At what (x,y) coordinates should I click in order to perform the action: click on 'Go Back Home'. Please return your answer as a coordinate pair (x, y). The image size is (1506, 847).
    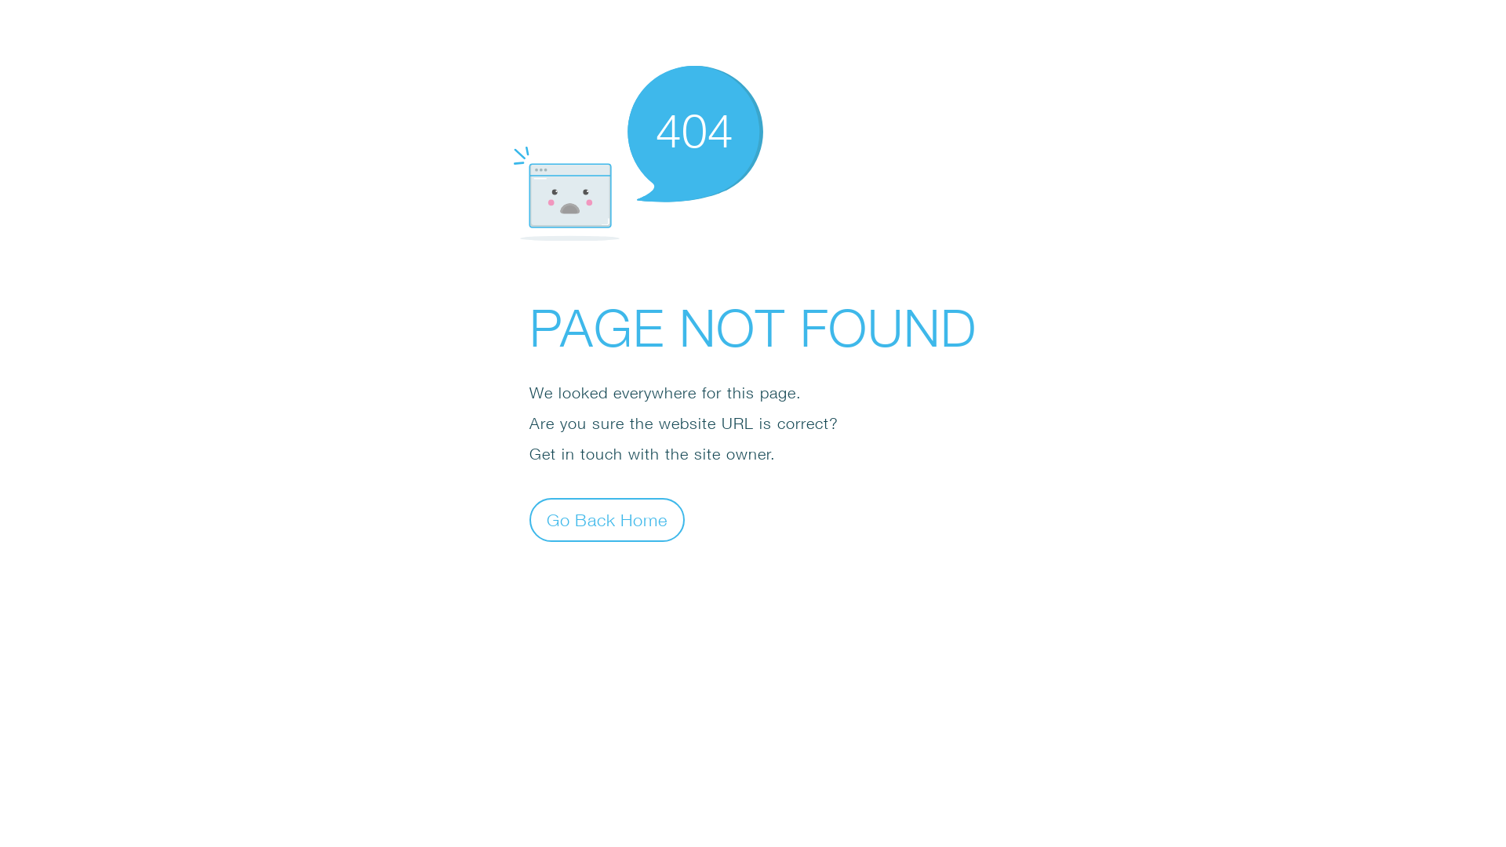
    Looking at the image, I should click on (606, 520).